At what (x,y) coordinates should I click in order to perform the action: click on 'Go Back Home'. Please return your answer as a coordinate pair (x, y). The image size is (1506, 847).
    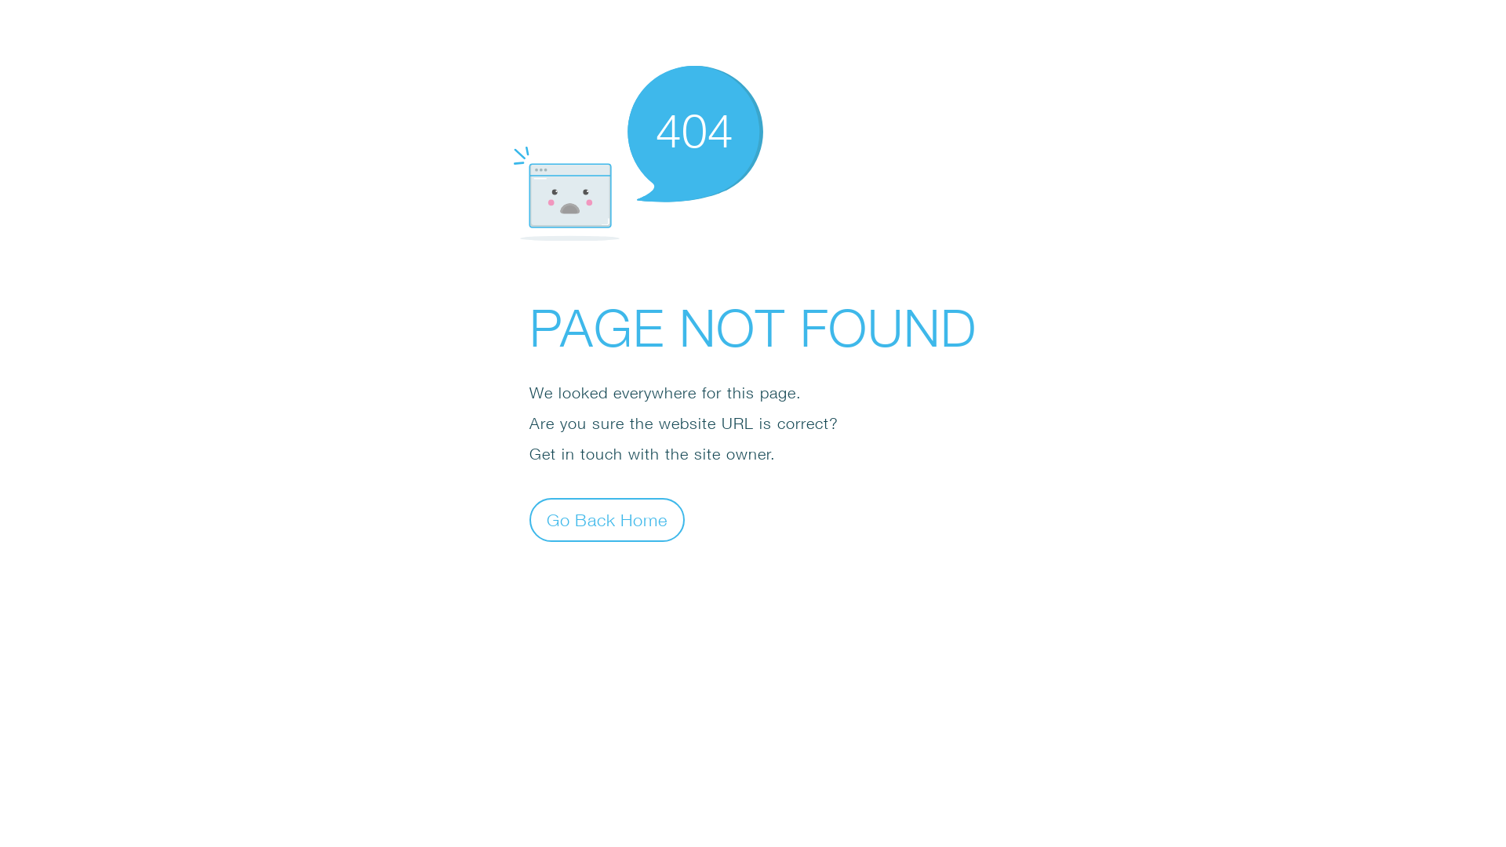
    Looking at the image, I should click on (606, 520).